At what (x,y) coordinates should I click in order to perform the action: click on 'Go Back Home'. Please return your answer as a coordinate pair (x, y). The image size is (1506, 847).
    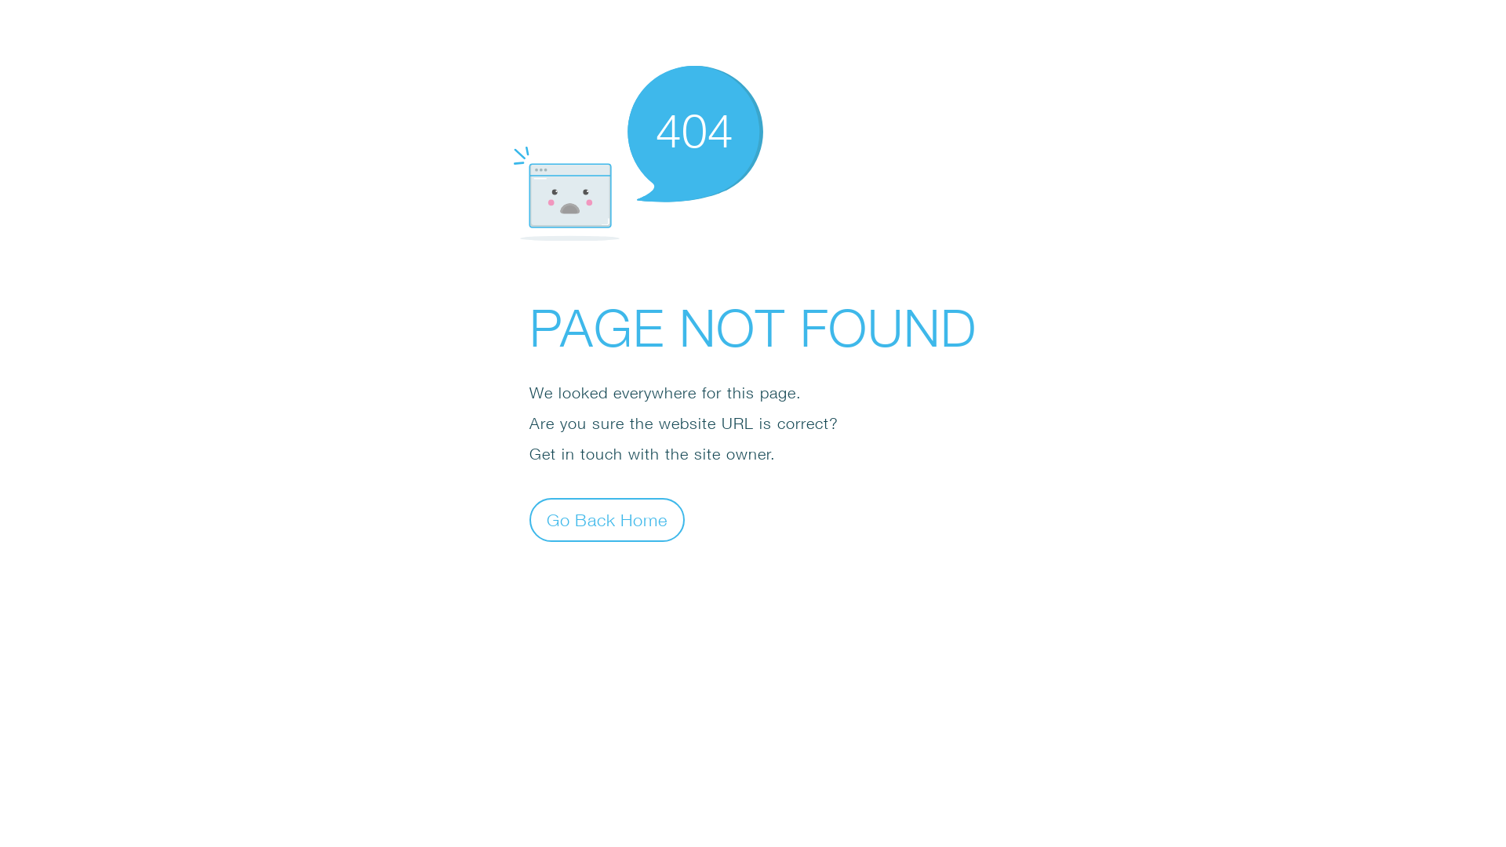
    Looking at the image, I should click on (606, 520).